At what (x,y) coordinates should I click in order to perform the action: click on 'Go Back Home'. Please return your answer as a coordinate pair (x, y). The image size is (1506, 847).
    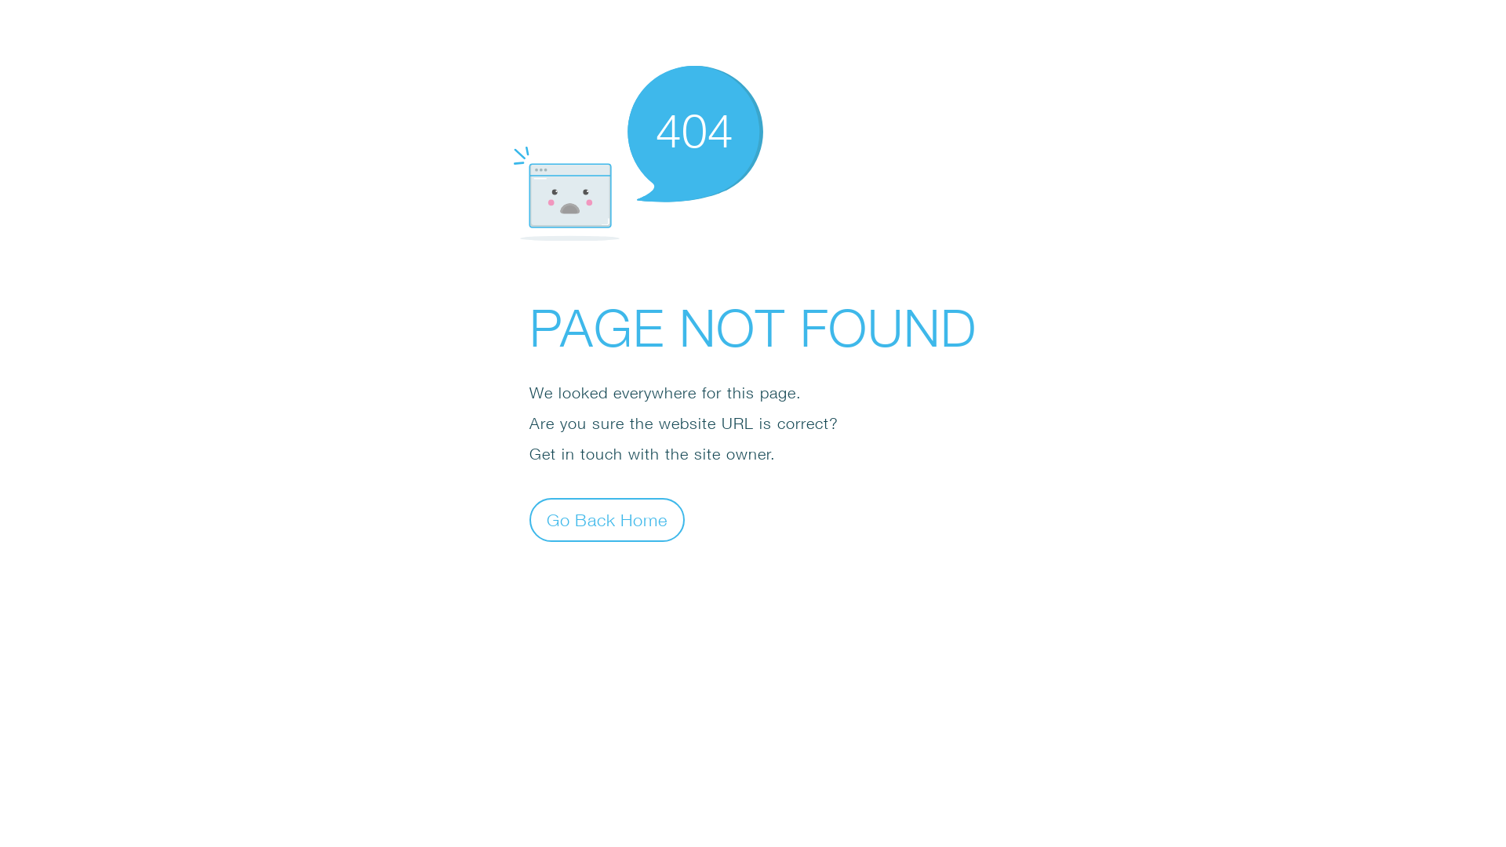
    Looking at the image, I should click on (606, 520).